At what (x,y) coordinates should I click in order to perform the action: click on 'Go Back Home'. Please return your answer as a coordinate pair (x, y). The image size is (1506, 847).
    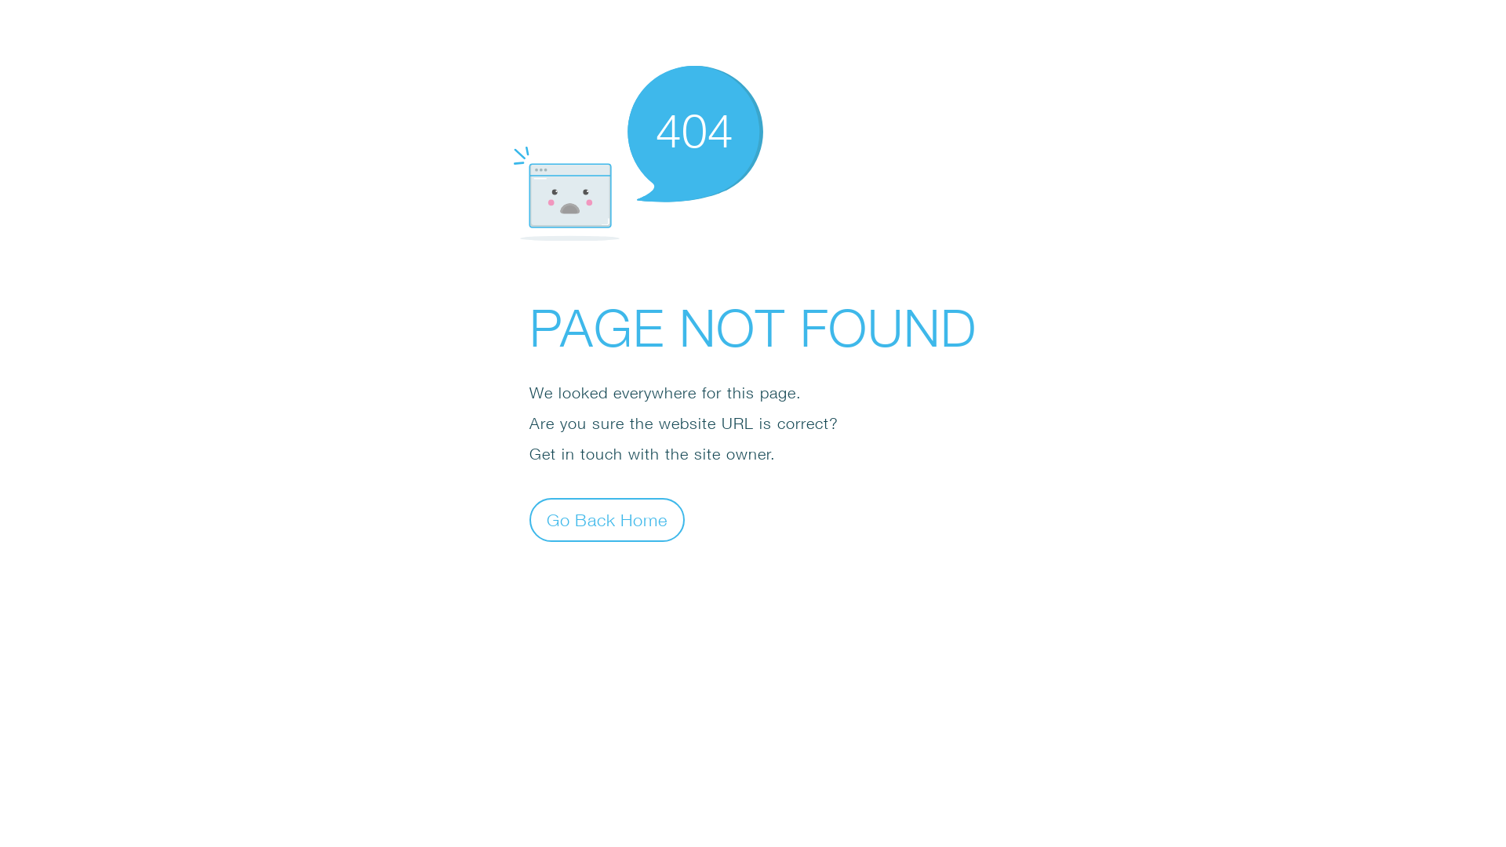
    Looking at the image, I should click on (606, 520).